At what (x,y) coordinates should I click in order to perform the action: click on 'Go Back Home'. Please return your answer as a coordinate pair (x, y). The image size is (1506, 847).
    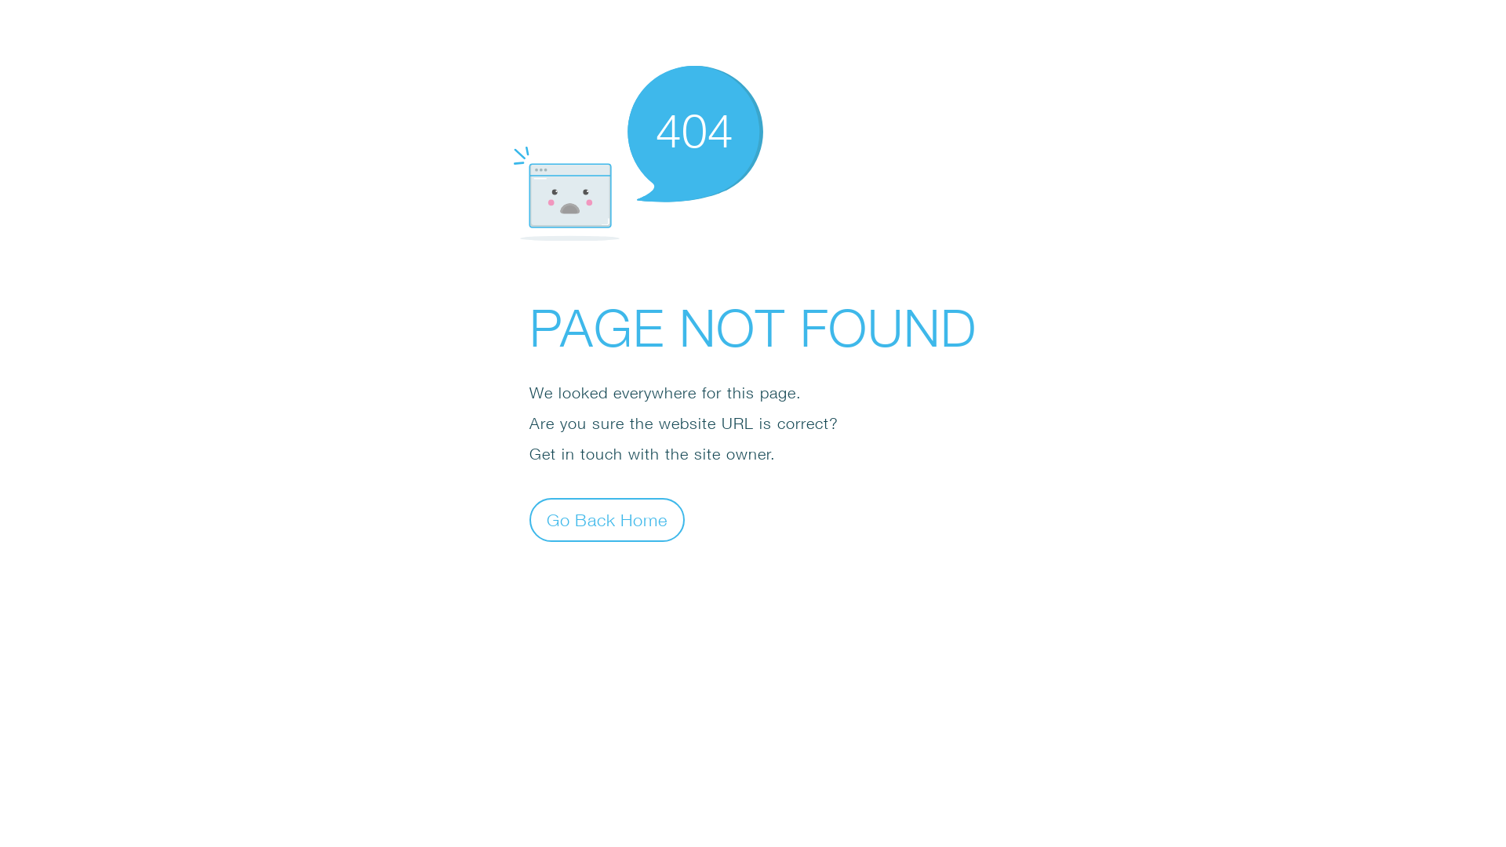
    Looking at the image, I should click on (606, 520).